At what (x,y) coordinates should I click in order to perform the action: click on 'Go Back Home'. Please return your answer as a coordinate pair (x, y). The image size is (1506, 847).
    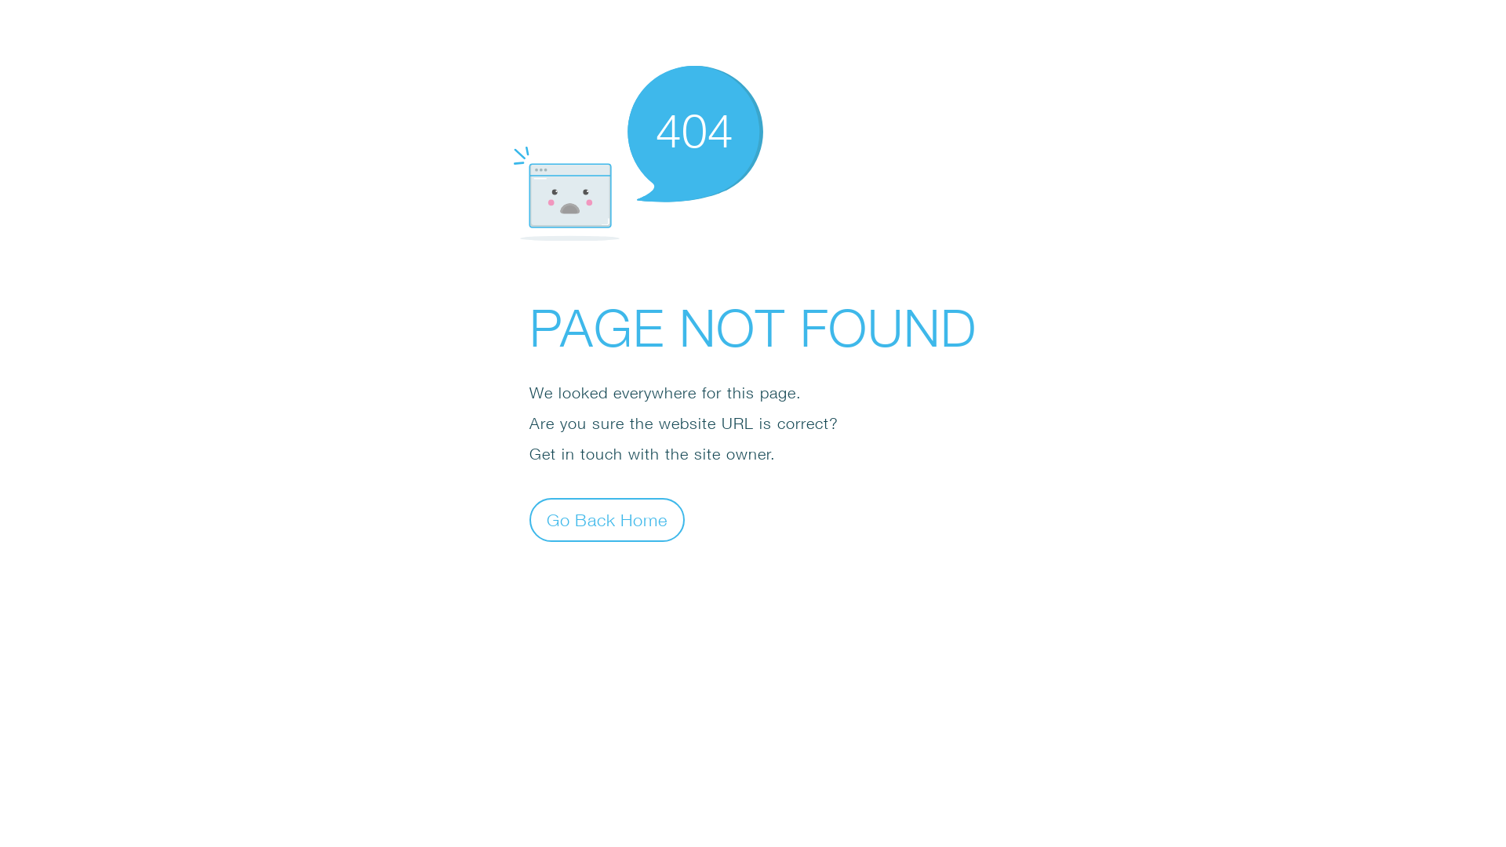
    Looking at the image, I should click on (606, 520).